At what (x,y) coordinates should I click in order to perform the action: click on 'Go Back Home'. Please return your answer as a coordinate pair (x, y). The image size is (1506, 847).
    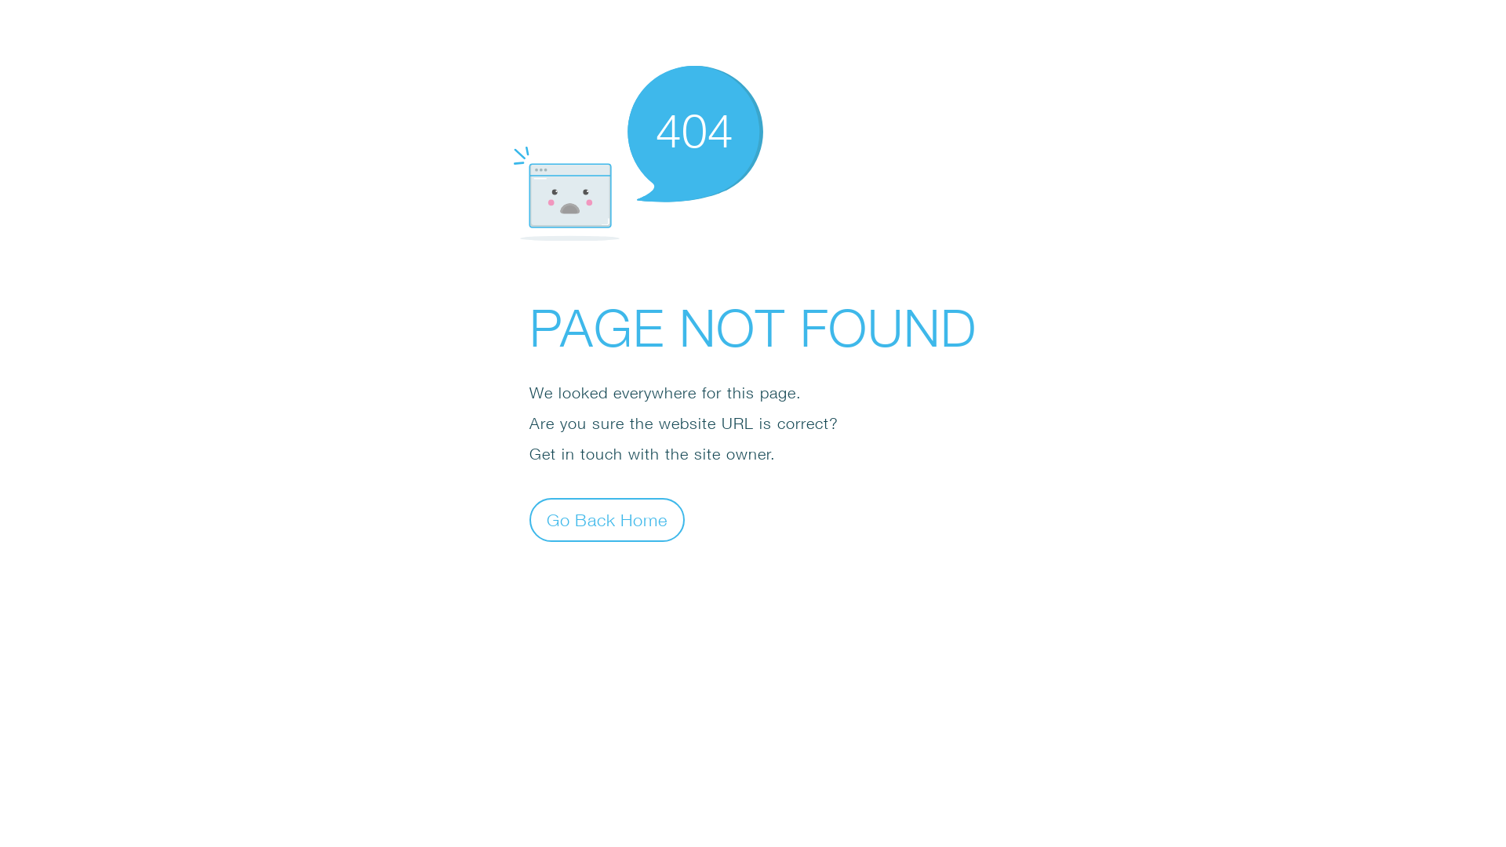
    Looking at the image, I should click on (606, 520).